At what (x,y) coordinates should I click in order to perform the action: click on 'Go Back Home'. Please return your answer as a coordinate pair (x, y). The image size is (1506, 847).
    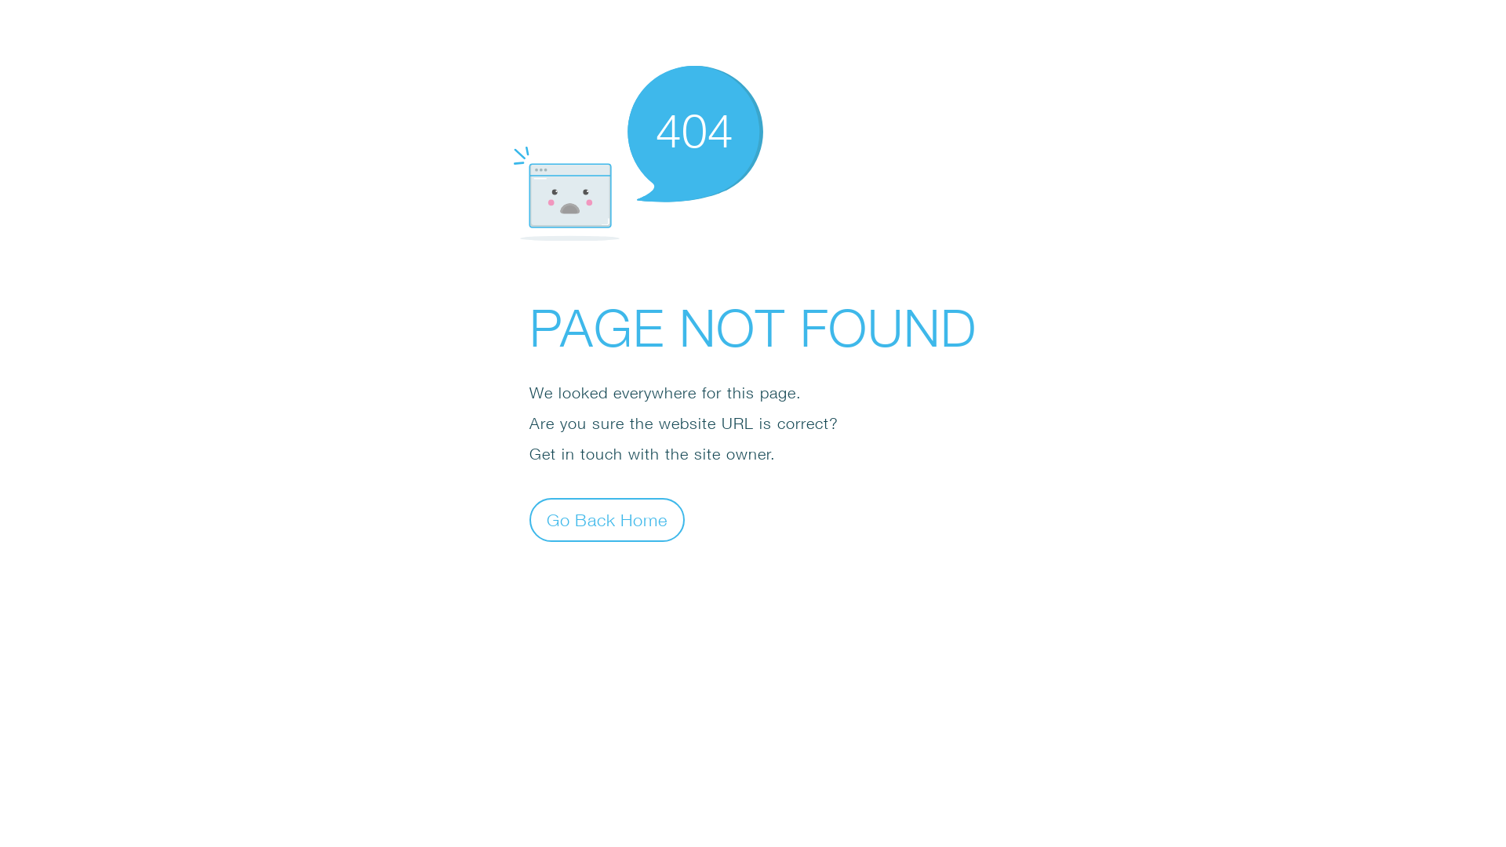
    Looking at the image, I should click on (606, 520).